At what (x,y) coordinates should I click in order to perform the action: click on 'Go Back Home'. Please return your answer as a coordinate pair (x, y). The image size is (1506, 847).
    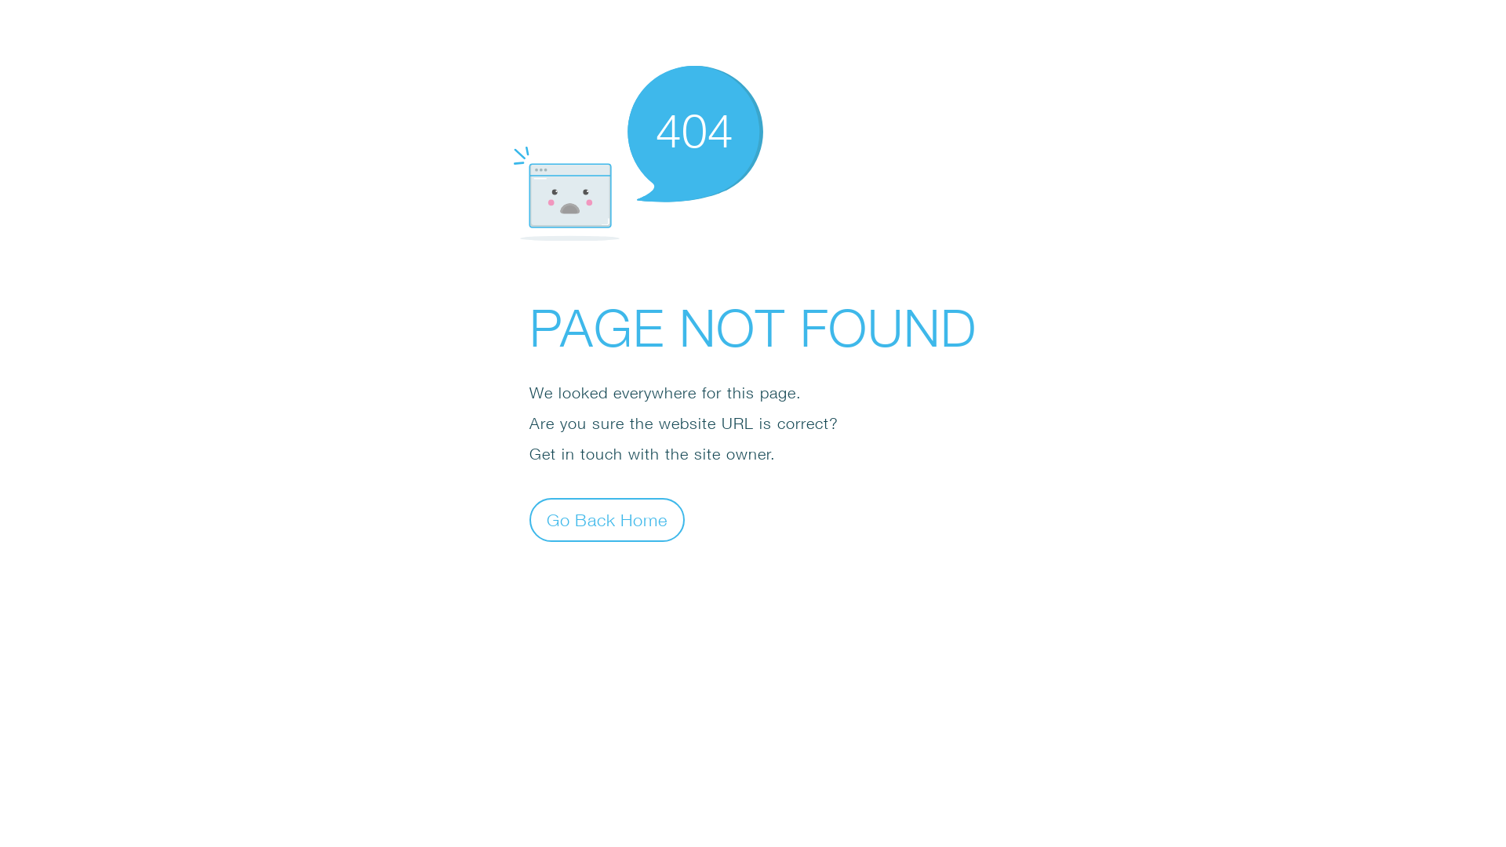
    Looking at the image, I should click on (606, 520).